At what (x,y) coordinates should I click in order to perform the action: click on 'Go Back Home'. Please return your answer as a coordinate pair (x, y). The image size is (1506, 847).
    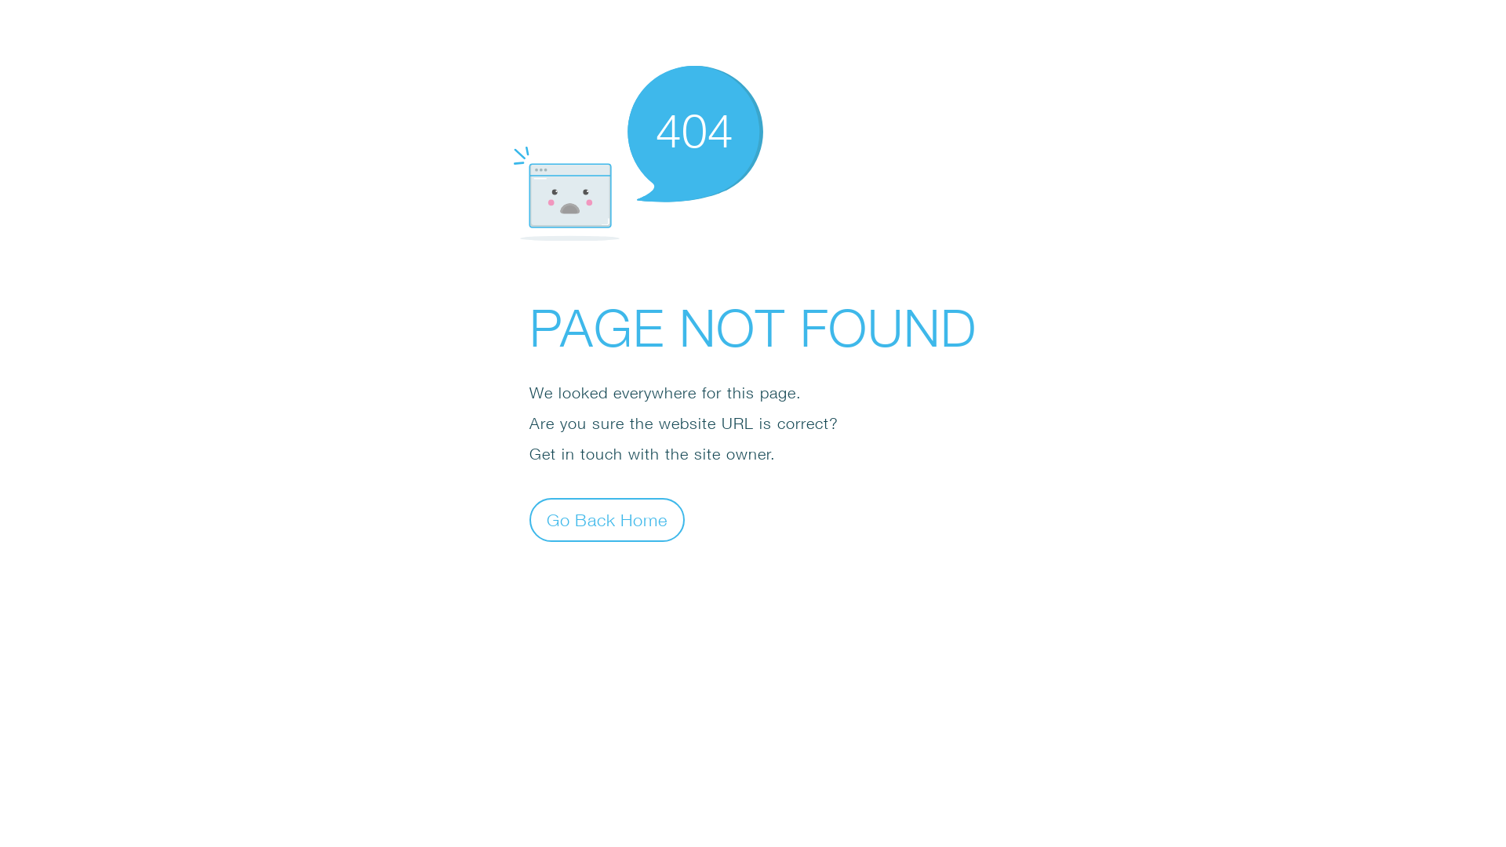
    Looking at the image, I should click on (606, 520).